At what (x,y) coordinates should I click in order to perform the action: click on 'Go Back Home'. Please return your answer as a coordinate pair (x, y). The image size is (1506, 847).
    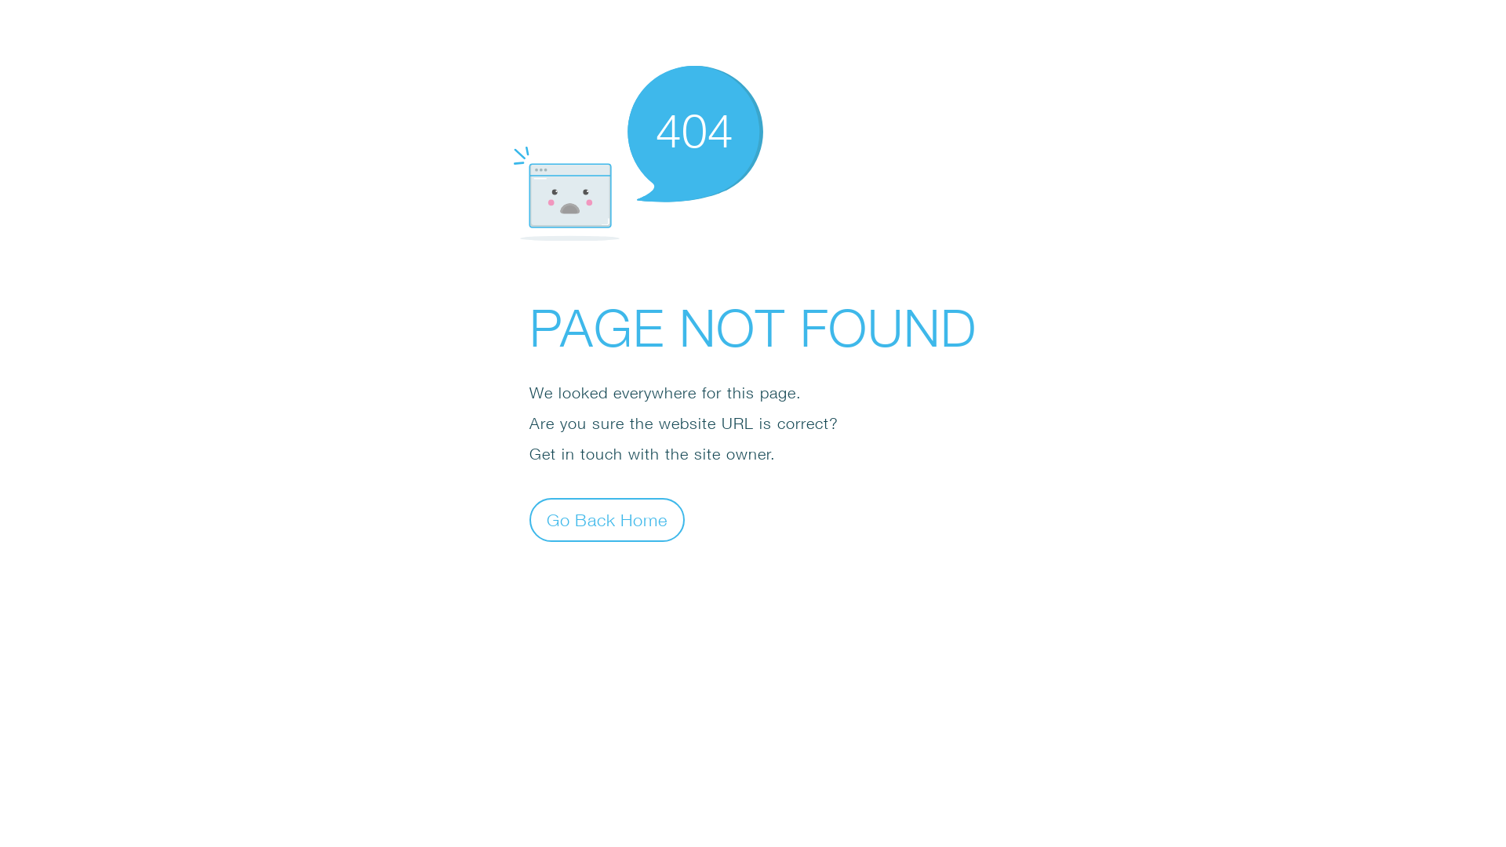
    Looking at the image, I should click on (606, 520).